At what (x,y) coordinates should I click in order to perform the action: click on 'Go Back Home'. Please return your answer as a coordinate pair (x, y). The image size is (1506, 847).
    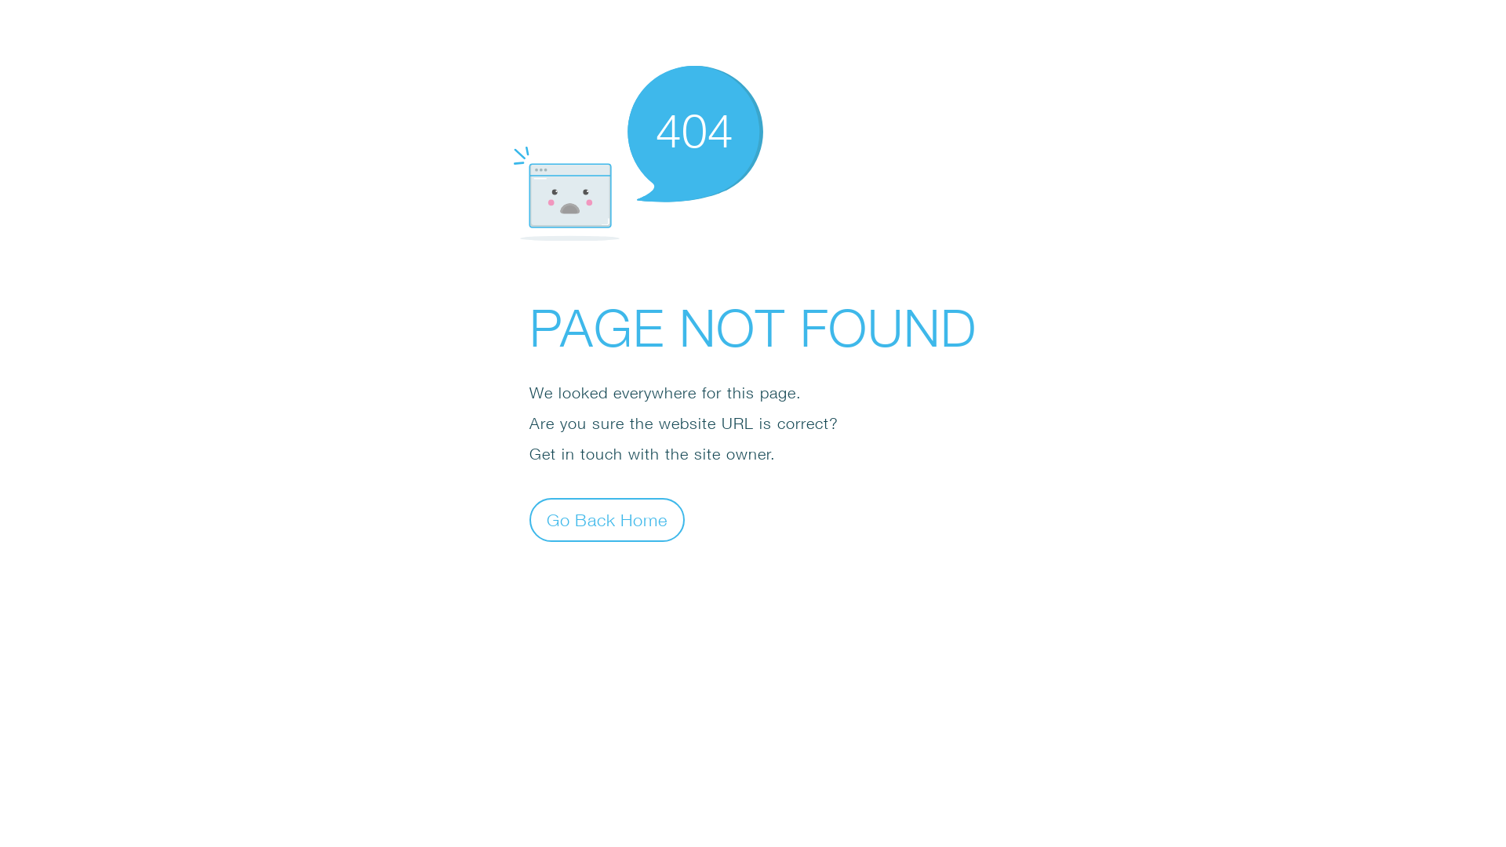
    Looking at the image, I should click on (606, 520).